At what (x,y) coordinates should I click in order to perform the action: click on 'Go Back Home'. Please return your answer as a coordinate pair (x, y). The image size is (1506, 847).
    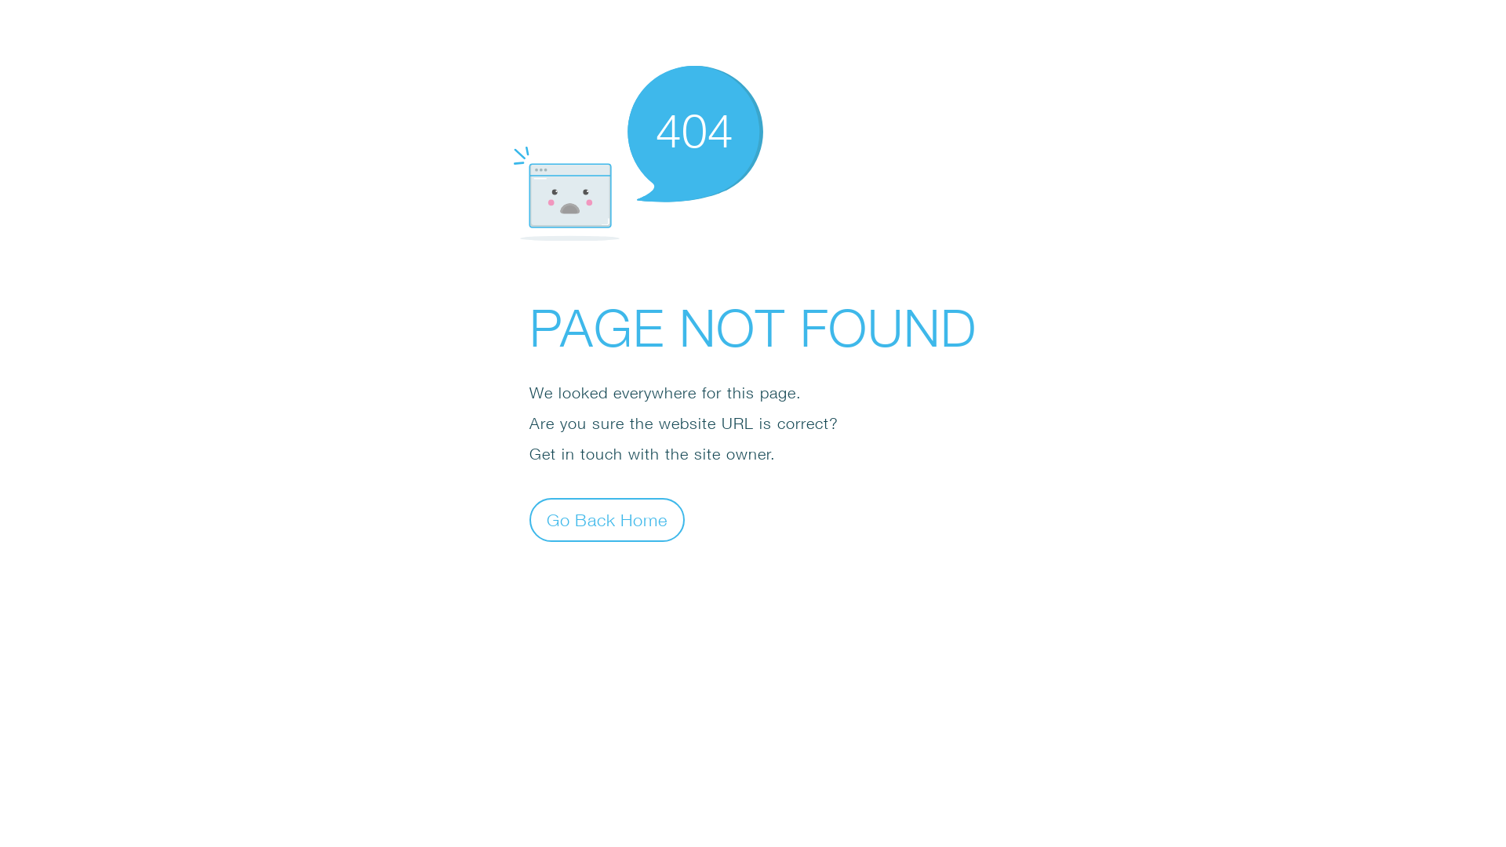
    Looking at the image, I should click on (606, 520).